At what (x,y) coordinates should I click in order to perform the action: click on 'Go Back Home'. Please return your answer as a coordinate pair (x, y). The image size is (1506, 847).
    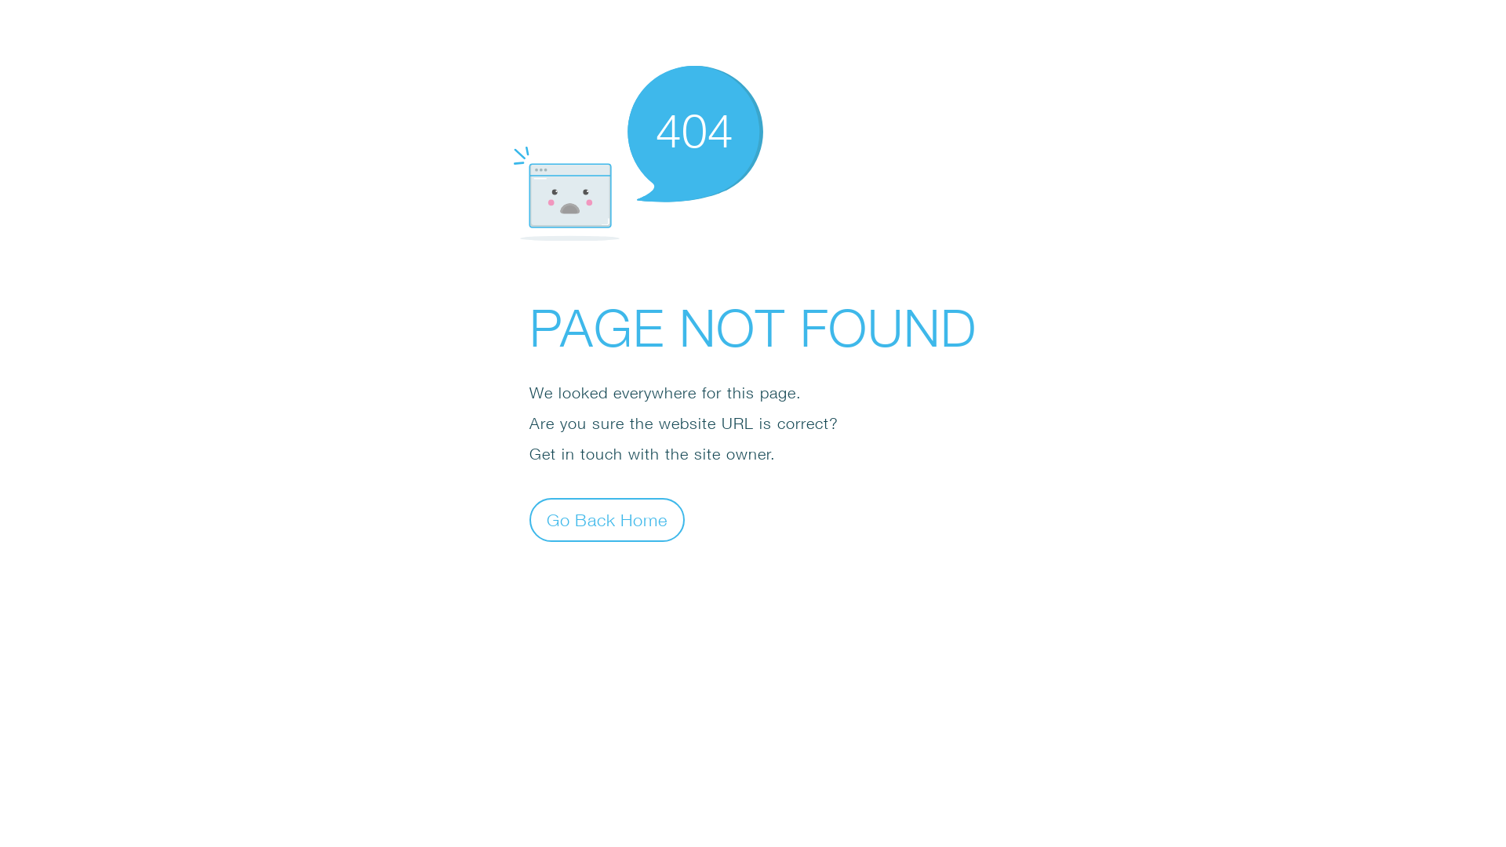
    Looking at the image, I should click on (606, 520).